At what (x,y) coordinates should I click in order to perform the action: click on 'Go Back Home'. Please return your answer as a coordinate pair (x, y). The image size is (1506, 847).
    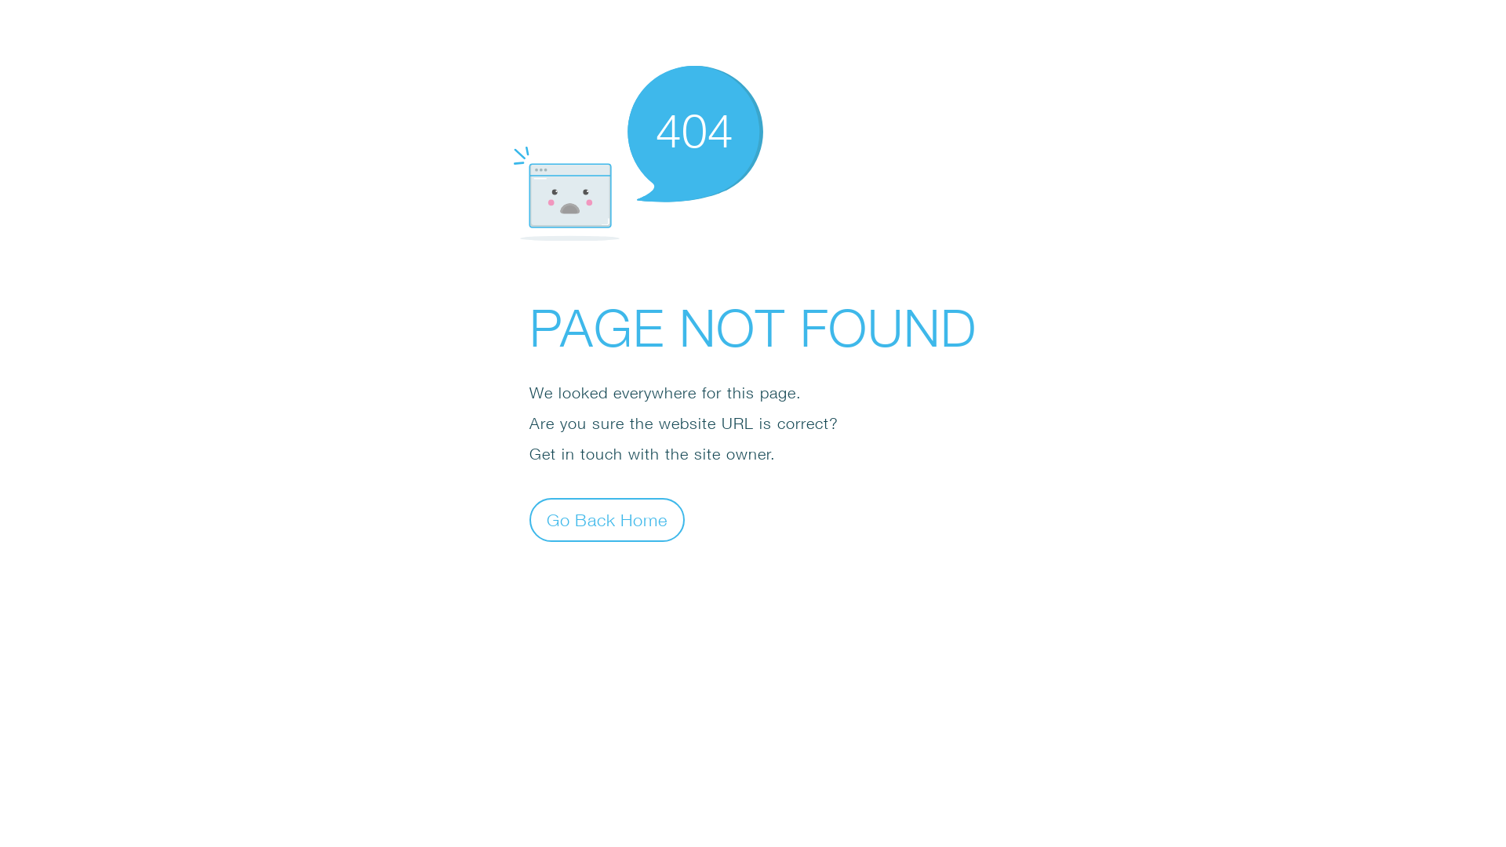
    Looking at the image, I should click on (606, 520).